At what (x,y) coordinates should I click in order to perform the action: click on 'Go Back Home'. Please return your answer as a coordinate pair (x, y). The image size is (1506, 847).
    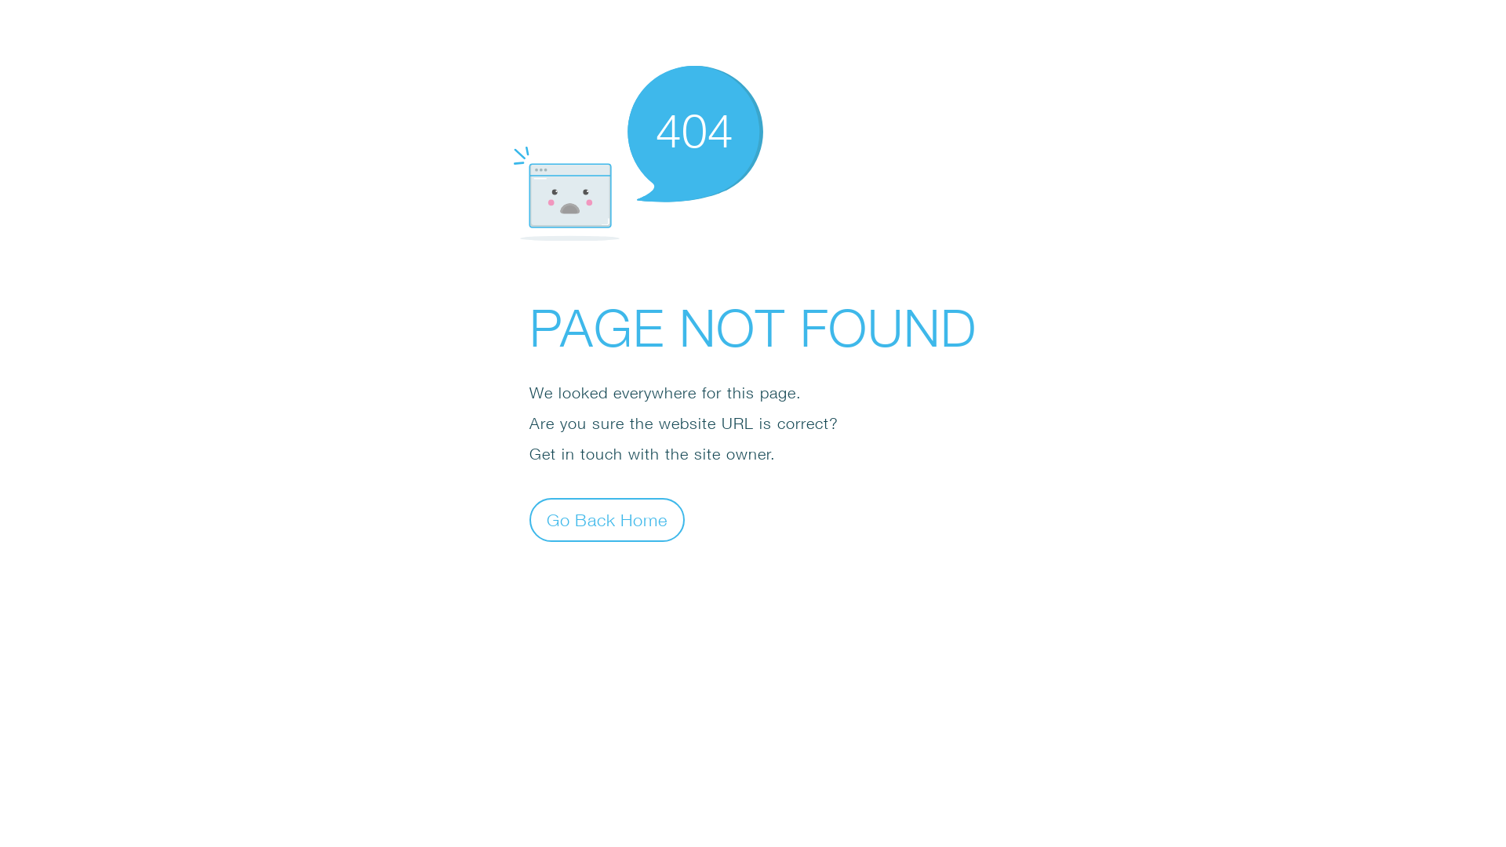
    Looking at the image, I should click on (606, 520).